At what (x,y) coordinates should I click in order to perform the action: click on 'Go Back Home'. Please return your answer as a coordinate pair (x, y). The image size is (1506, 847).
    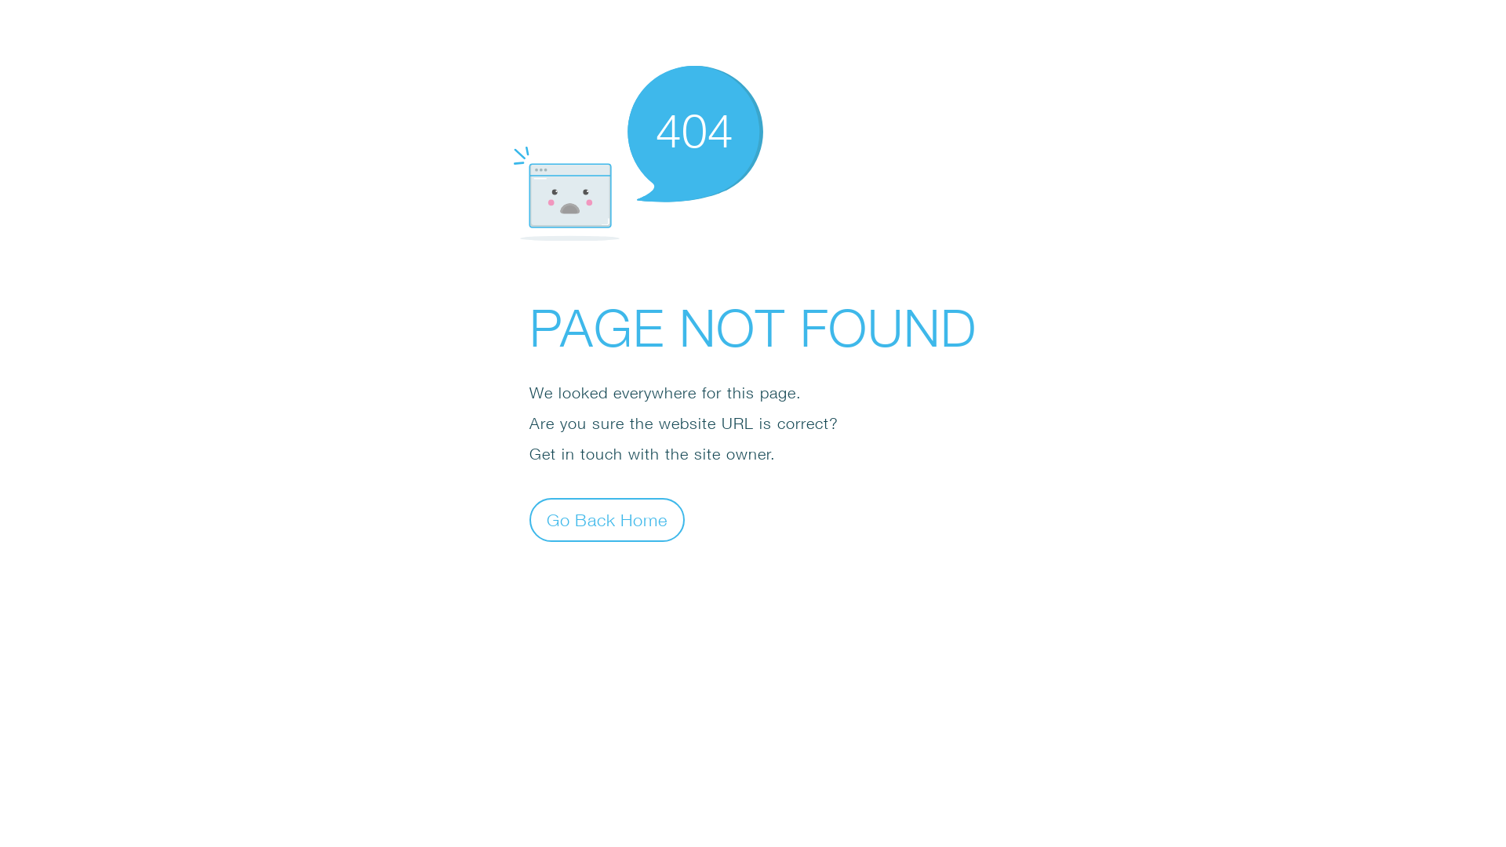
    Looking at the image, I should click on (606, 520).